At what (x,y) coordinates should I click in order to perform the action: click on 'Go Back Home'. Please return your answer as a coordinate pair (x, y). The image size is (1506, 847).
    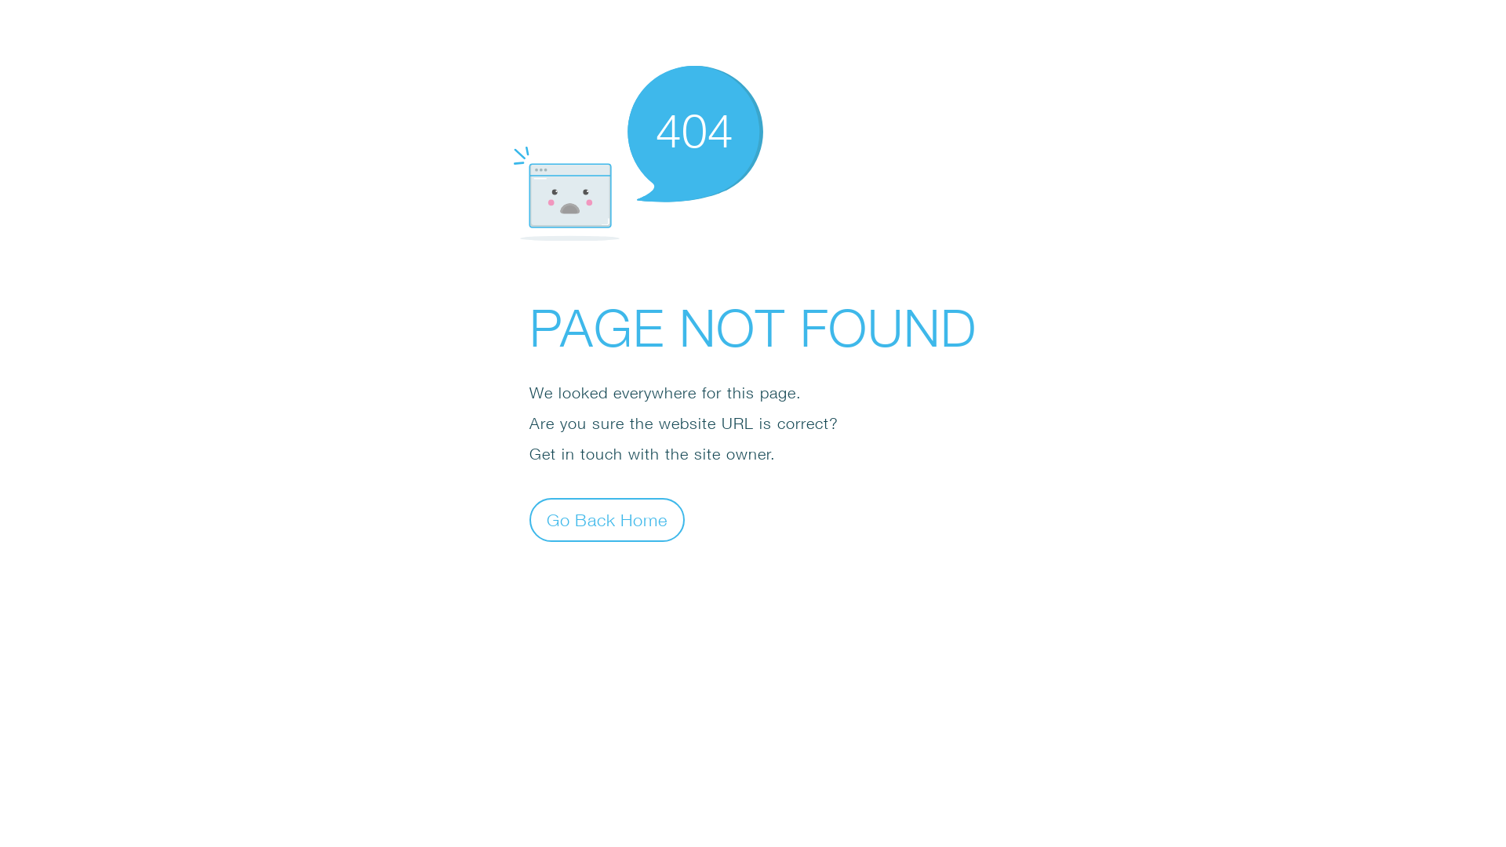
    Looking at the image, I should click on (606, 520).